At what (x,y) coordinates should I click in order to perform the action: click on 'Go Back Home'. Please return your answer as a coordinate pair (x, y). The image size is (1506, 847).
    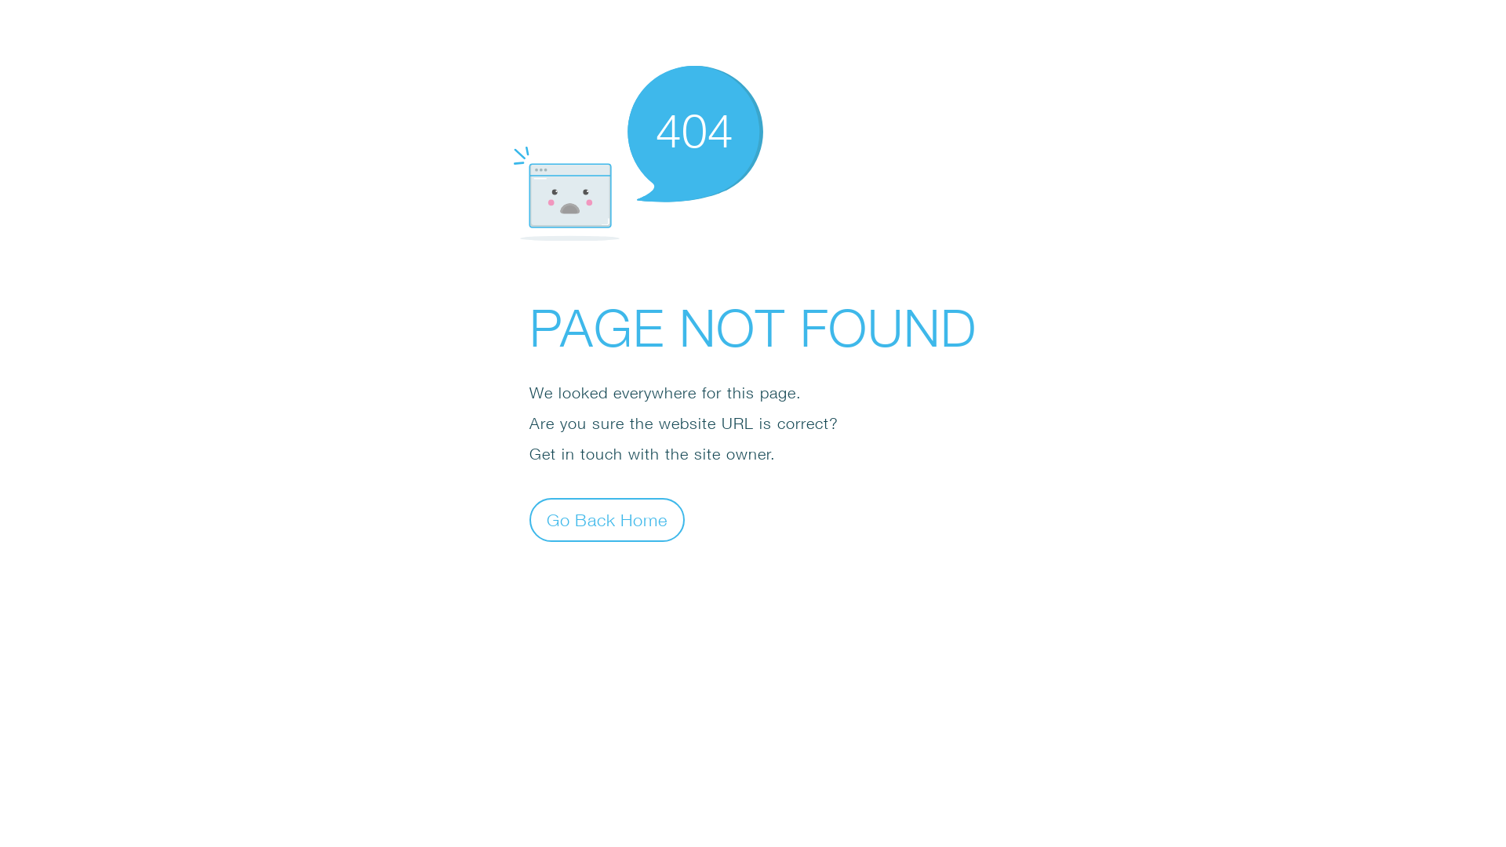
    Looking at the image, I should click on (606, 520).